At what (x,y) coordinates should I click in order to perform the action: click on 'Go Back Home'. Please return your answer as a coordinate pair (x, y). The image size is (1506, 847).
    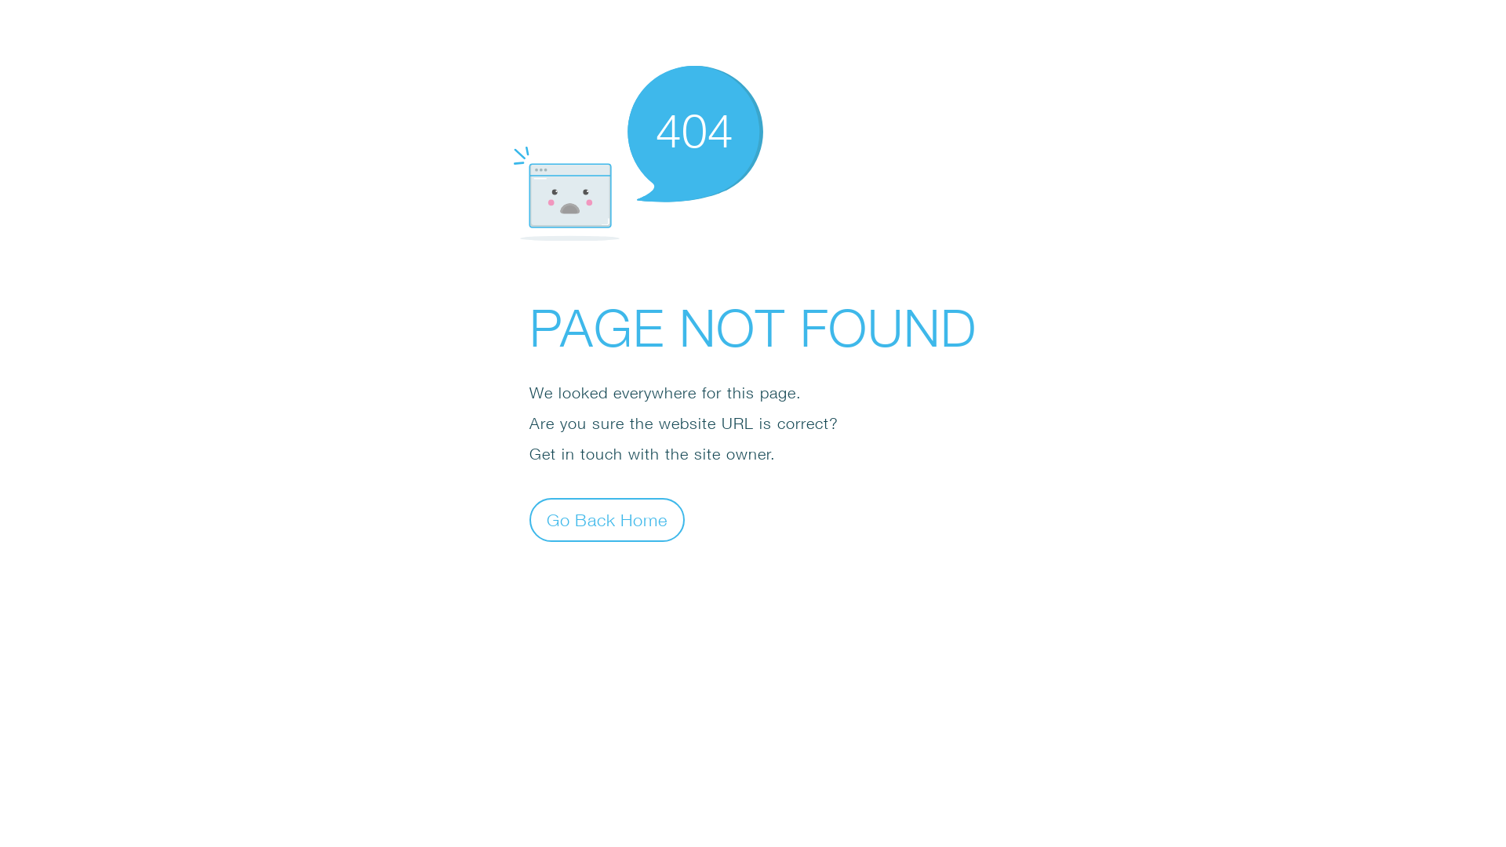
    Looking at the image, I should click on (606, 520).